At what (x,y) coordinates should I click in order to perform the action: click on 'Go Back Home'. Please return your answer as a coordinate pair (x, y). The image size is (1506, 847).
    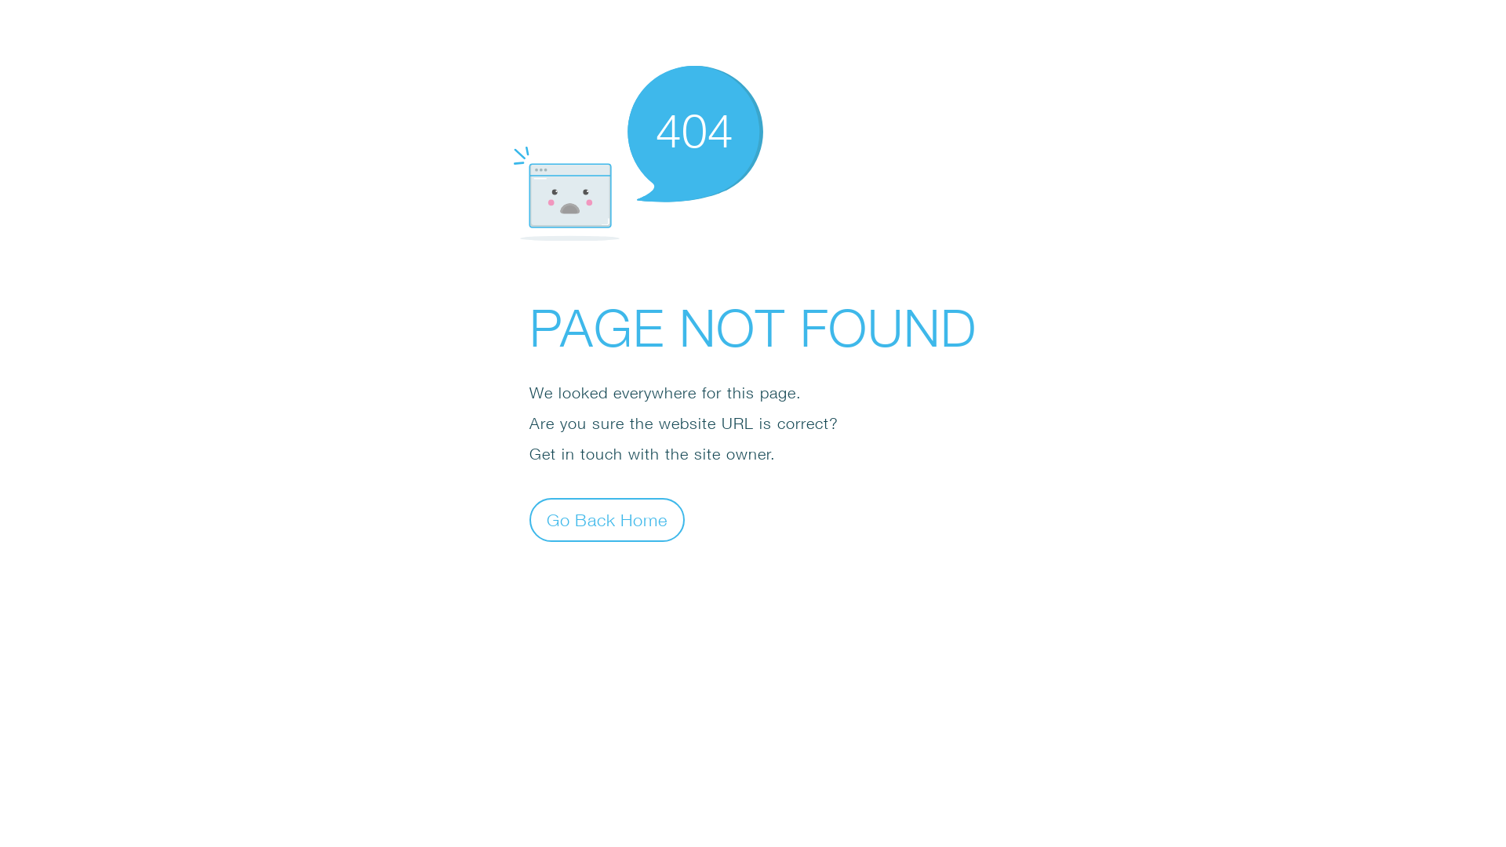
    Looking at the image, I should click on (606, 520).